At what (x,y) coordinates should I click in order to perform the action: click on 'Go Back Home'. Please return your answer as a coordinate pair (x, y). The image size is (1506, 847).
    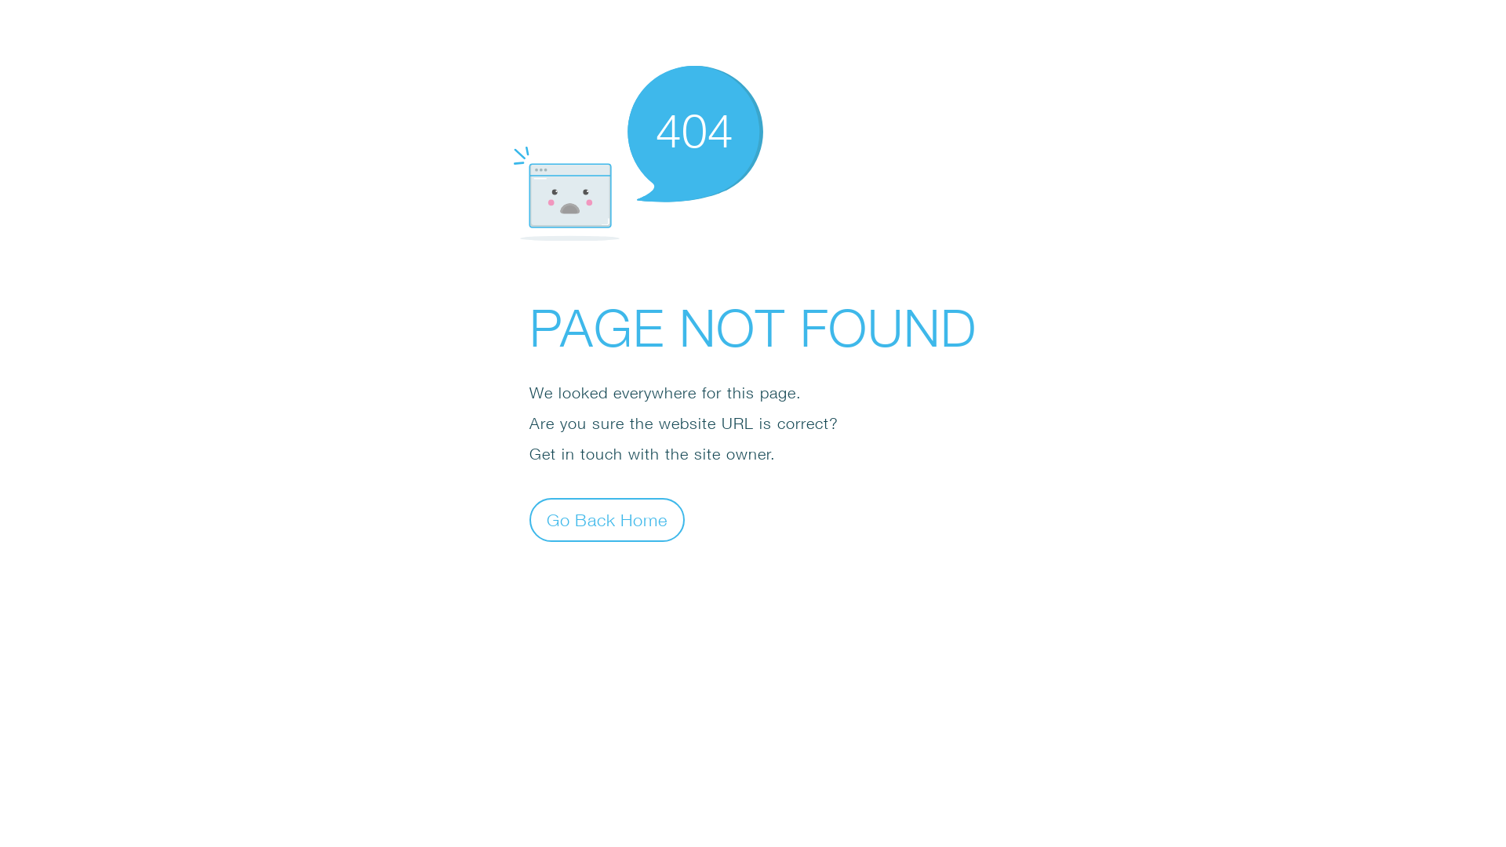
    Looking at the image, I should click on (606, 520).